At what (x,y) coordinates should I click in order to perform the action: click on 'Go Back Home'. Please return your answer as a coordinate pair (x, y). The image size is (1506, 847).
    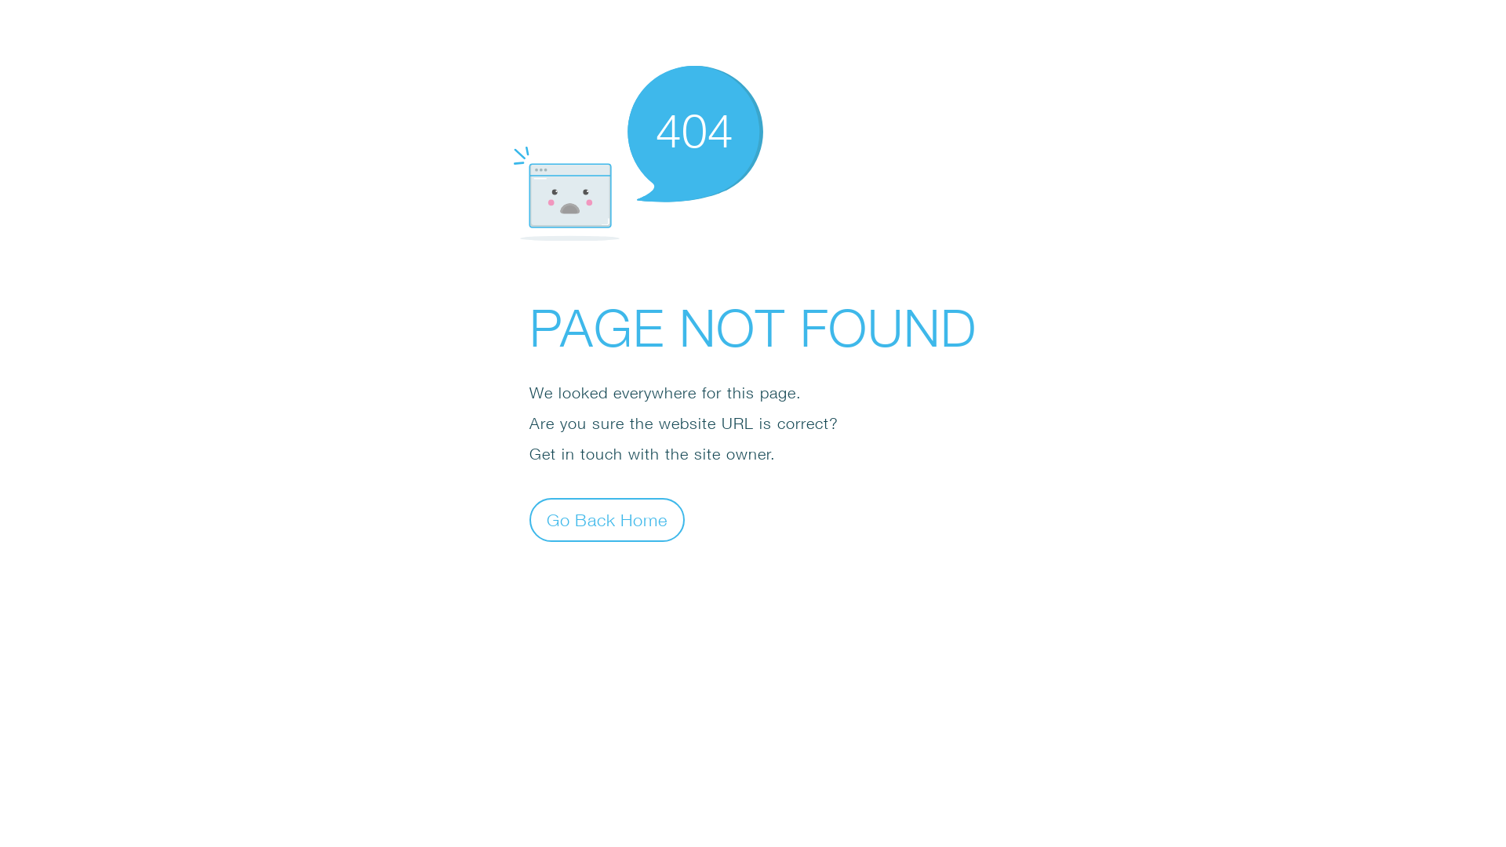
    Looking at the image, I should click on (606, 520).